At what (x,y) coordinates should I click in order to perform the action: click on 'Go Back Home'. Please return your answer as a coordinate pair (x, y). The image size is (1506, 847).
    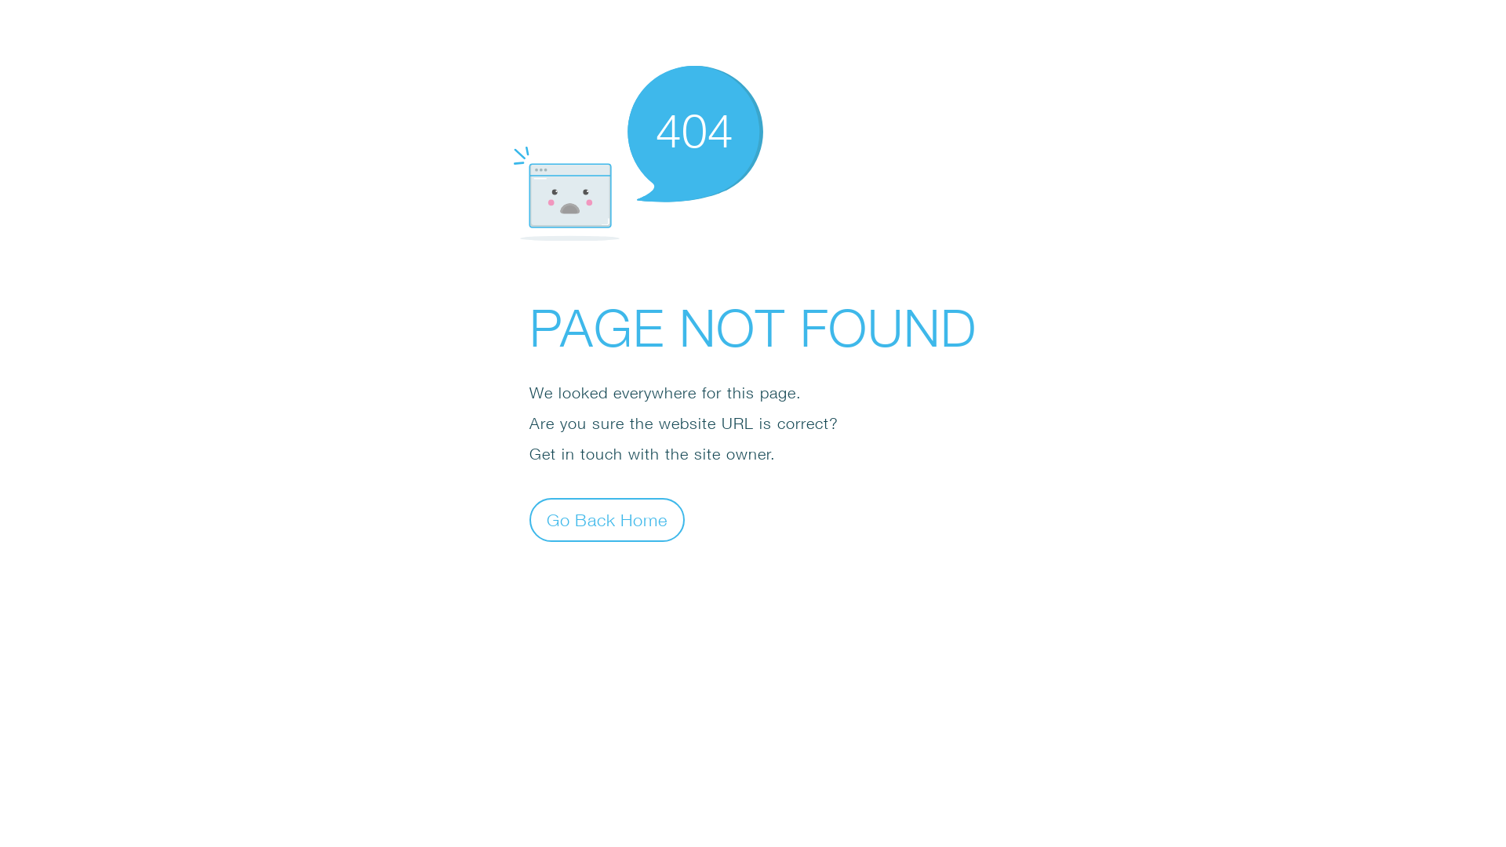
    Looking at the image, I should click on (606, 520).